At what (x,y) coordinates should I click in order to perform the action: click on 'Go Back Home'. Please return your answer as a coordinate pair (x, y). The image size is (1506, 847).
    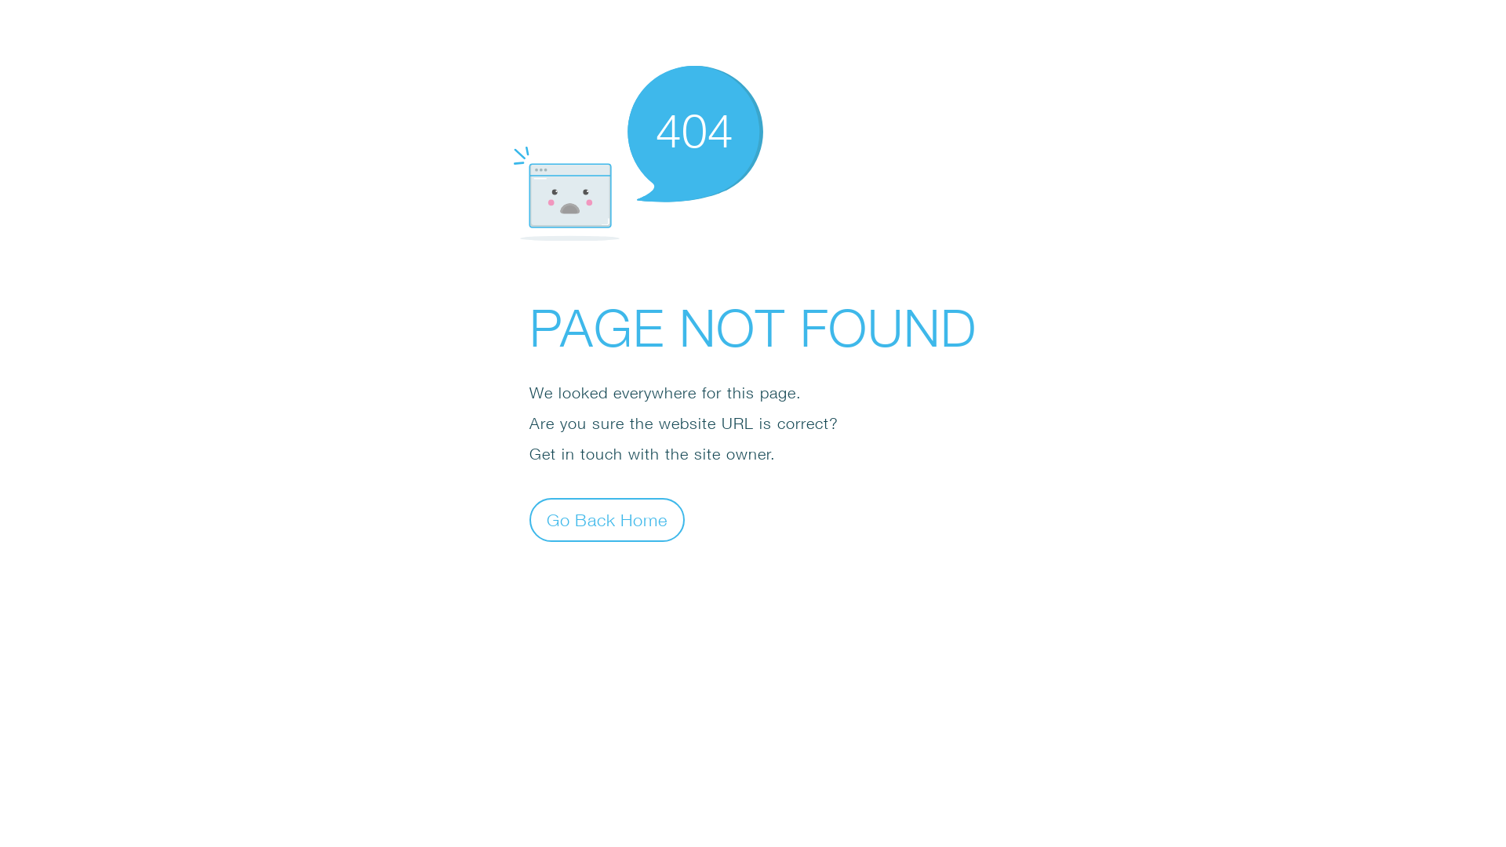
    Looking at the image, I should click on (606, 520).